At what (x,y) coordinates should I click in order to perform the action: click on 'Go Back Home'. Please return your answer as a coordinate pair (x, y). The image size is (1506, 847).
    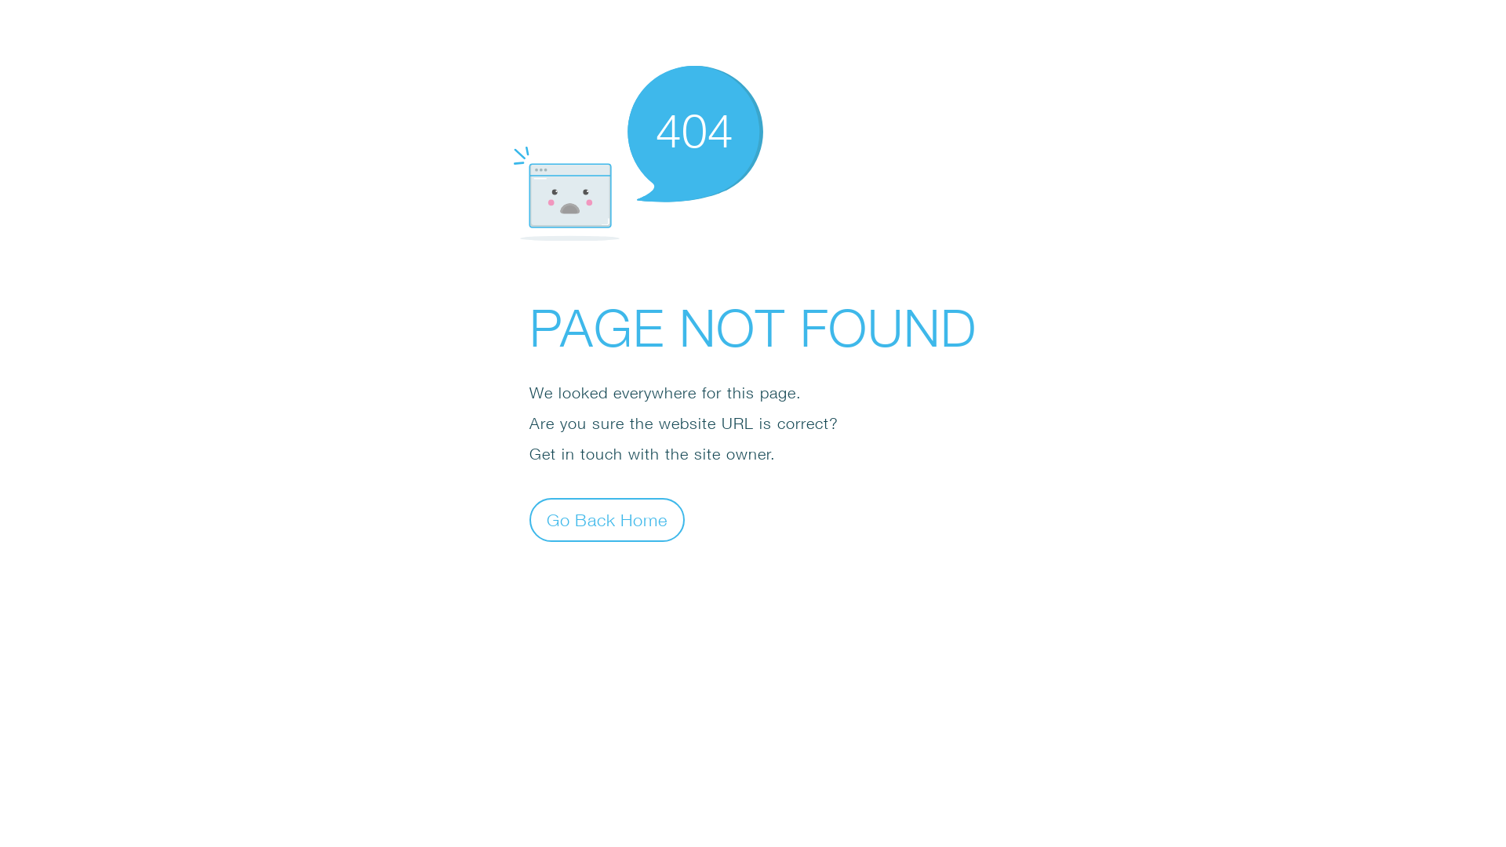
    Looking at the image, I should click on (606, 520).